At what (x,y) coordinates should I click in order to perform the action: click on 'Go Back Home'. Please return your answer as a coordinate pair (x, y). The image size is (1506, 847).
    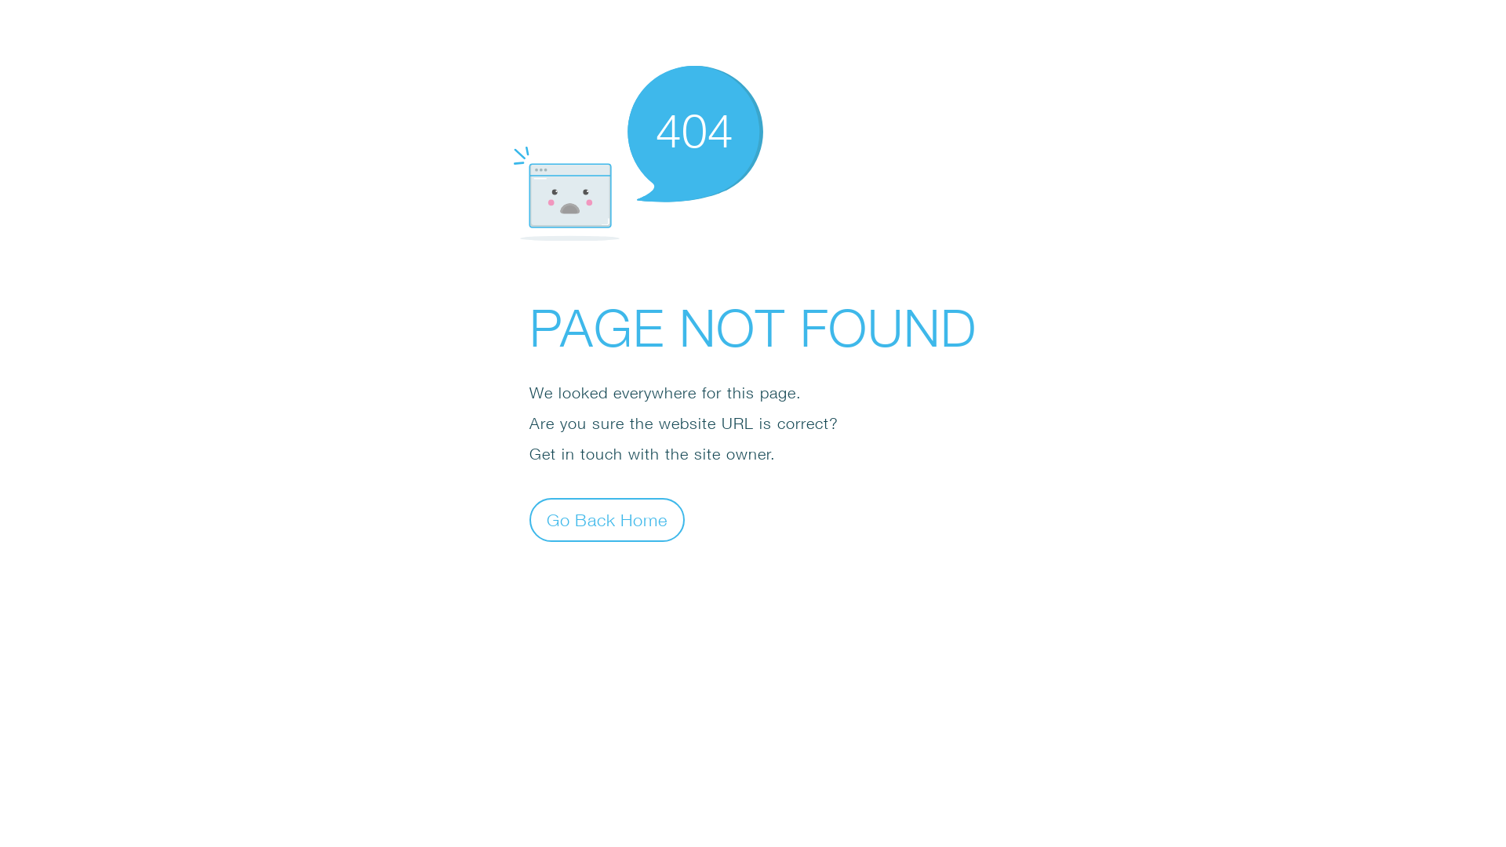
    Looking at the image, I should click on (606, 520).